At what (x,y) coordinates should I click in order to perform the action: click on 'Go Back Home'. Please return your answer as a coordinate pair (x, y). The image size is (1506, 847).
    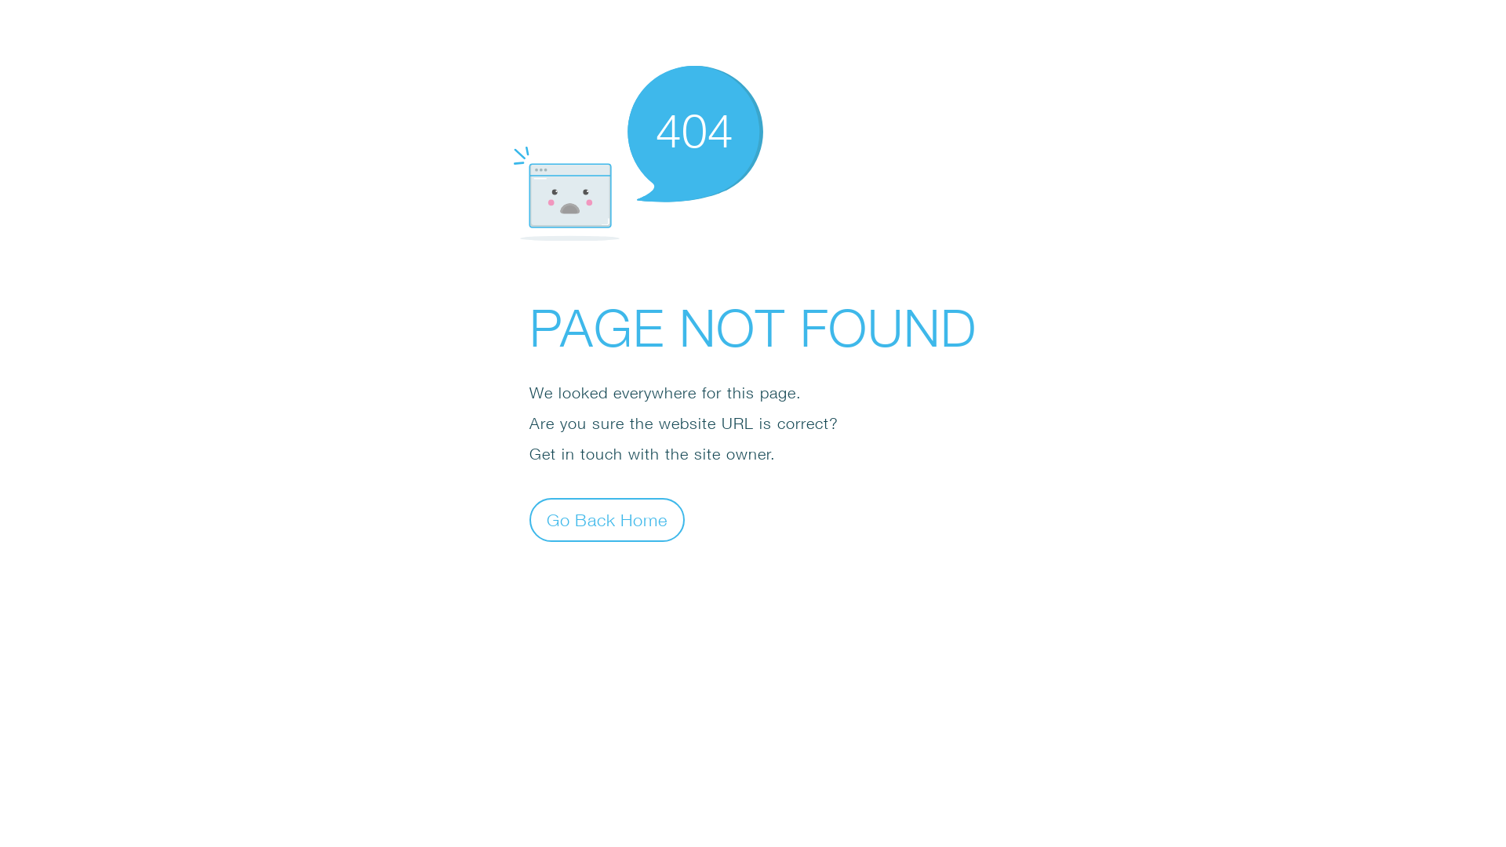
    Looking at the image, I should click on (606, 520).